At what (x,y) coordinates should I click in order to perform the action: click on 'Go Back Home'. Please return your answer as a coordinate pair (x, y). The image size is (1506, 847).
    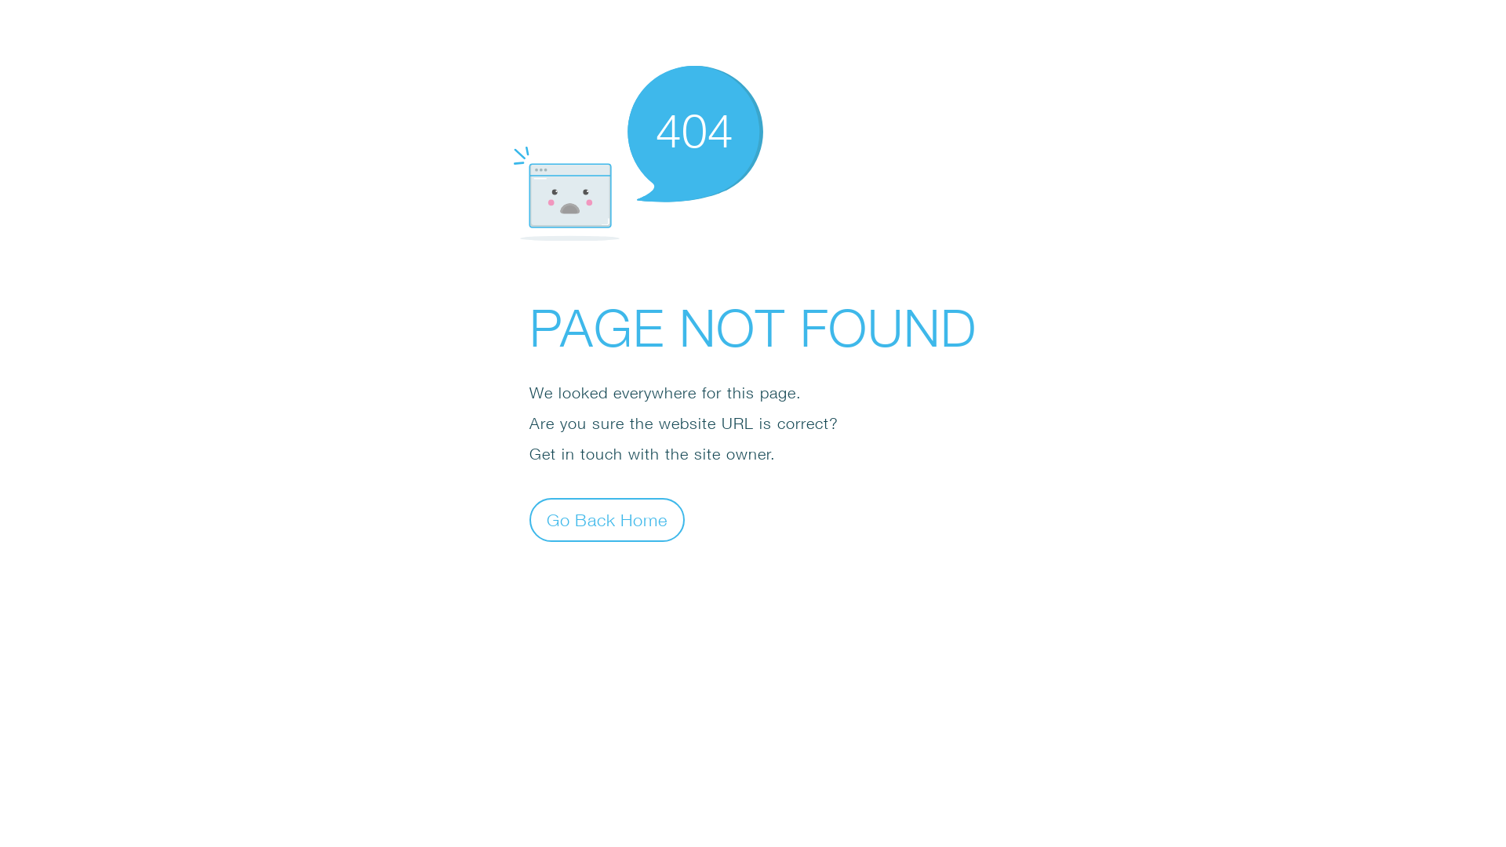
    Looking at the image, I should click on (606, 520).